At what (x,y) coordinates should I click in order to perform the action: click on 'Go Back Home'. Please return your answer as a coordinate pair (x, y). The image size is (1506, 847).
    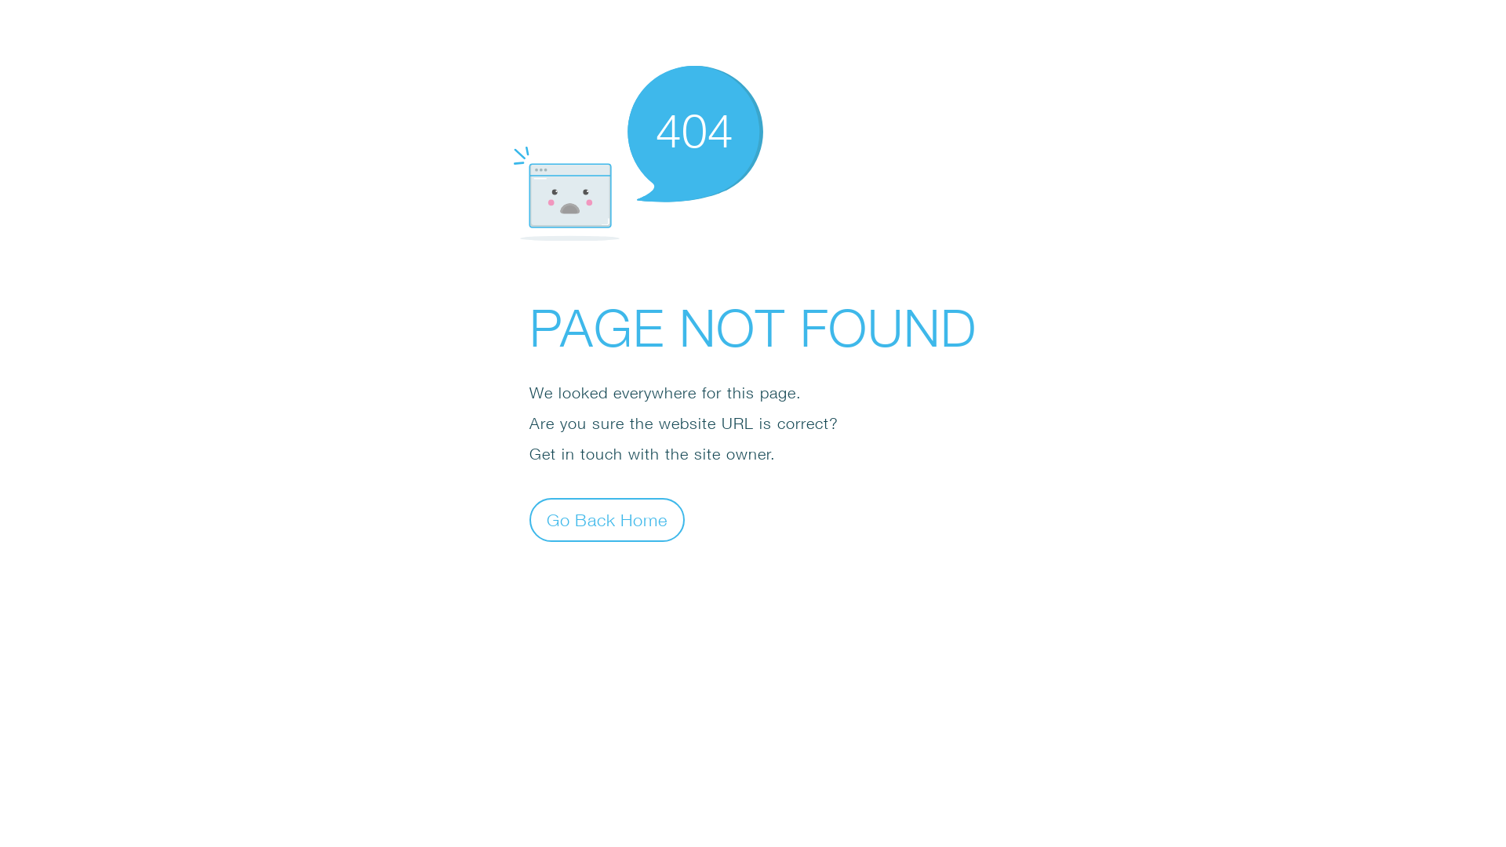
    Looking at the image, I should click on (606, 520).